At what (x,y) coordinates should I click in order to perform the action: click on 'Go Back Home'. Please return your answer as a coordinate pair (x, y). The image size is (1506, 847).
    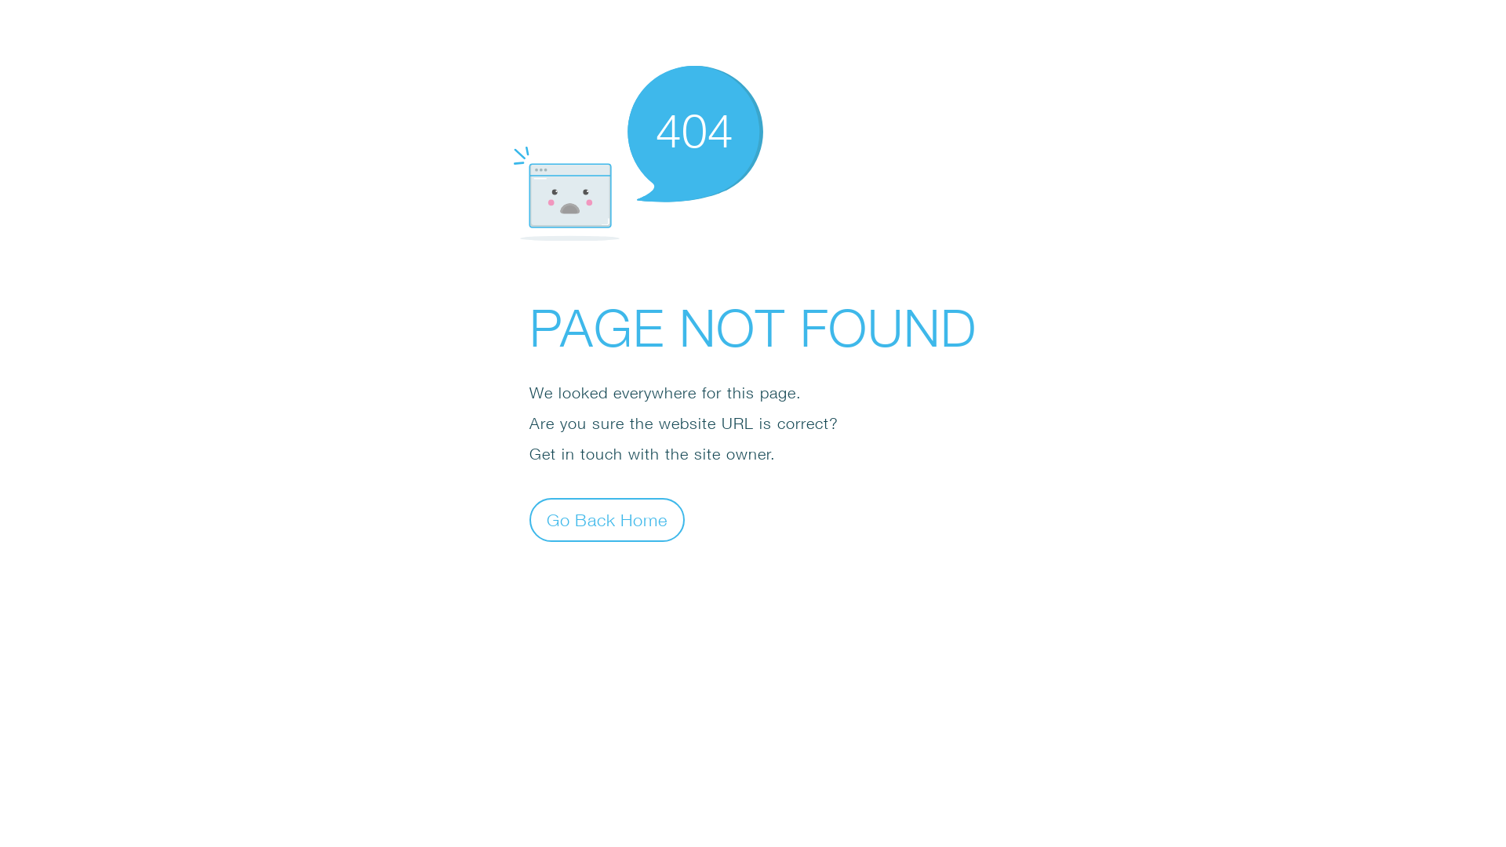
    Looking at the image, I should click on (606, 520).